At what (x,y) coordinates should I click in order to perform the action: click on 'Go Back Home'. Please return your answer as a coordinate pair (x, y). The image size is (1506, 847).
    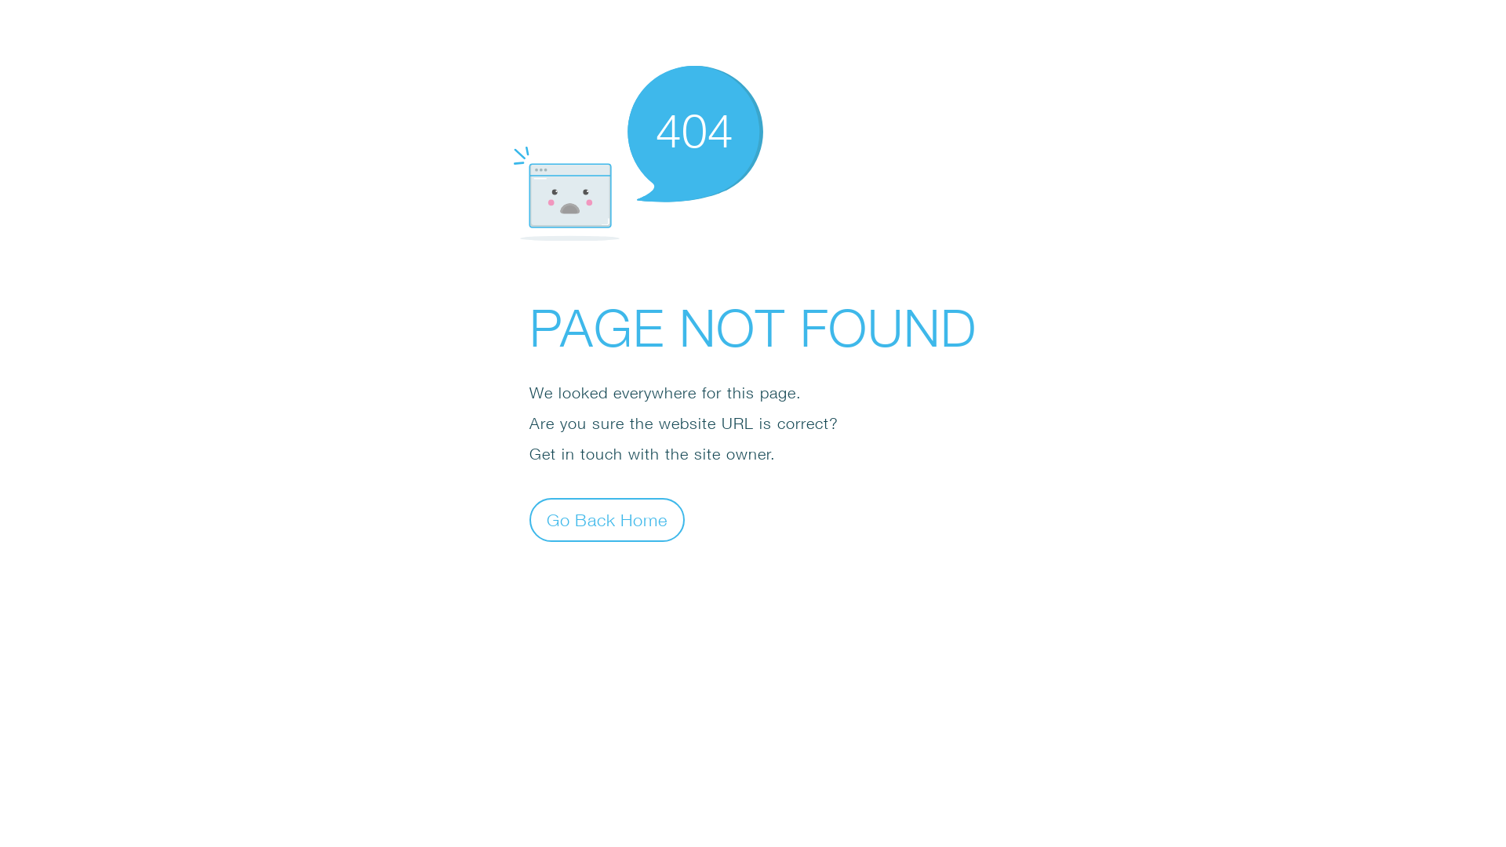
    Looking at the image, I should click on (606, 520).